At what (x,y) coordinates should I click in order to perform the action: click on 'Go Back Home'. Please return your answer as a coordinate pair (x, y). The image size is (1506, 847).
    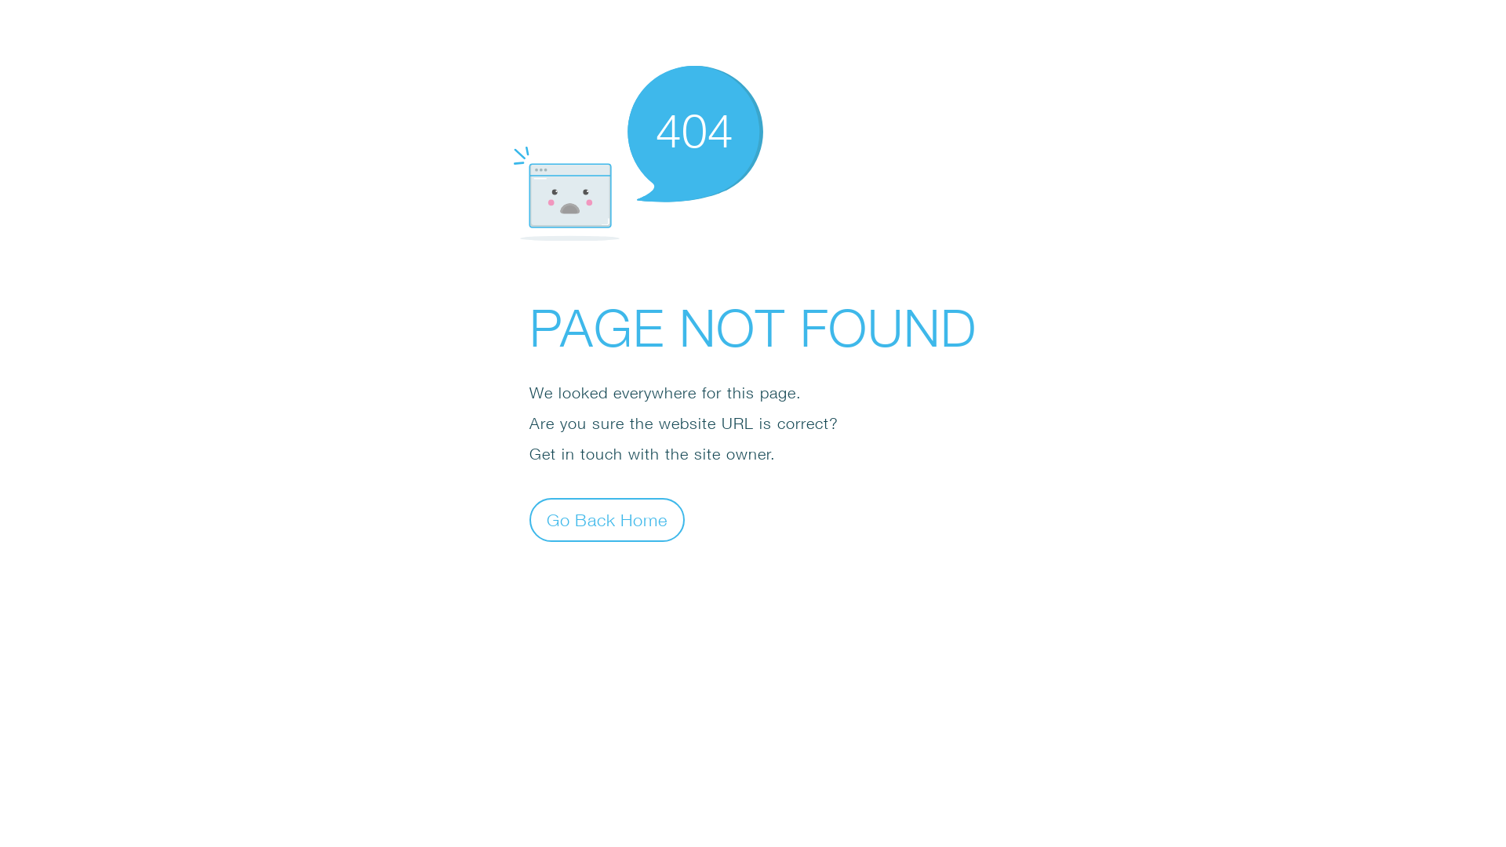
    Looking at the image, I should click on (606, 520).